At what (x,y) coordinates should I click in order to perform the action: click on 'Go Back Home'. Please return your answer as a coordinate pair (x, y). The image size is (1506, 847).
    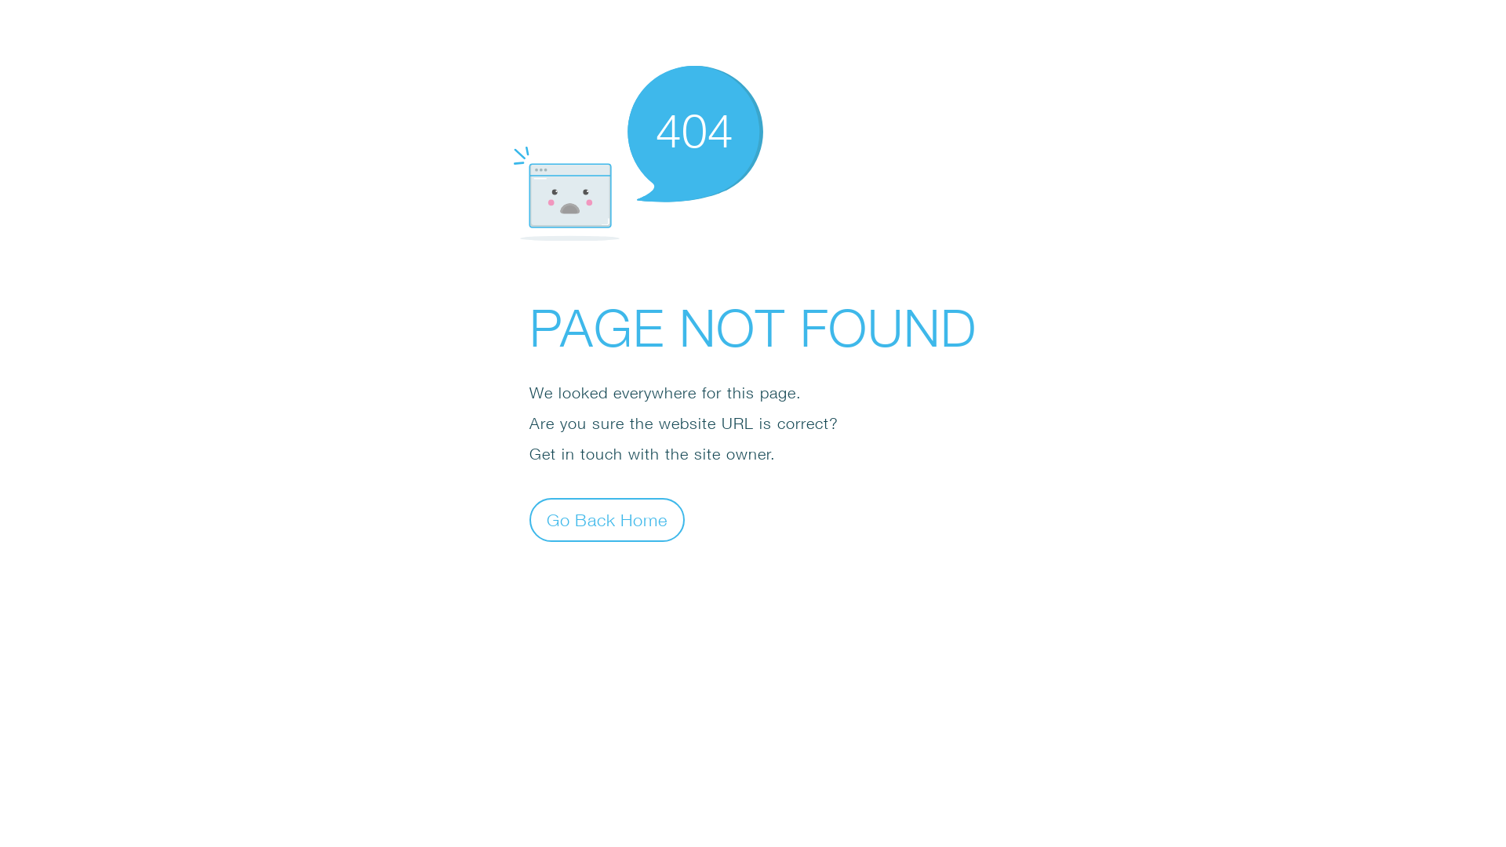
    Looking at the image, I should click on (606, 520).